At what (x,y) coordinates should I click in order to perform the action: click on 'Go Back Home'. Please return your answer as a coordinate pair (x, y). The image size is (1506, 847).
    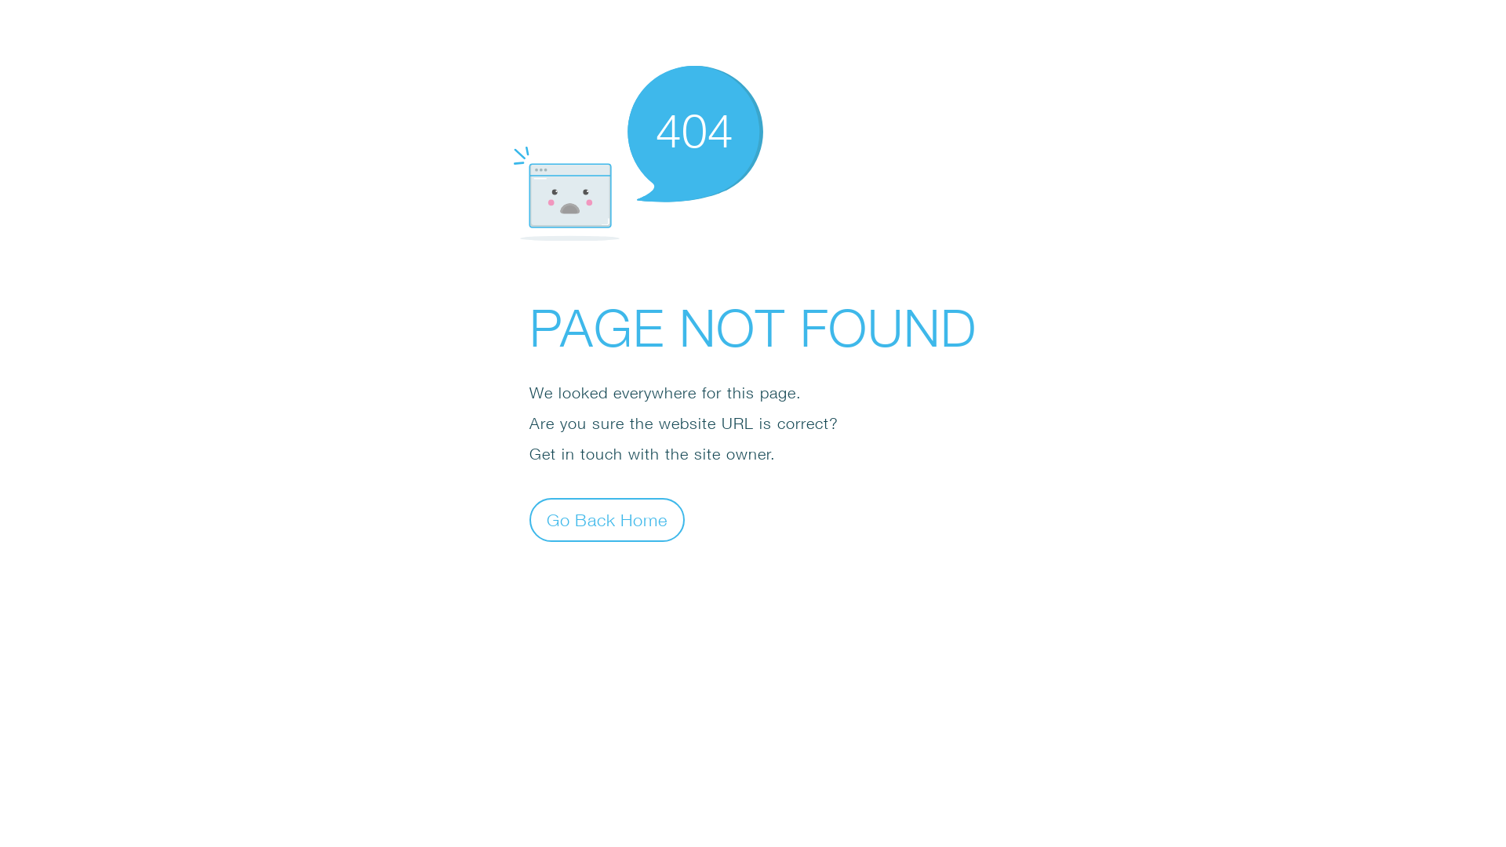
    Looking at the image, I should click on (606, 520).